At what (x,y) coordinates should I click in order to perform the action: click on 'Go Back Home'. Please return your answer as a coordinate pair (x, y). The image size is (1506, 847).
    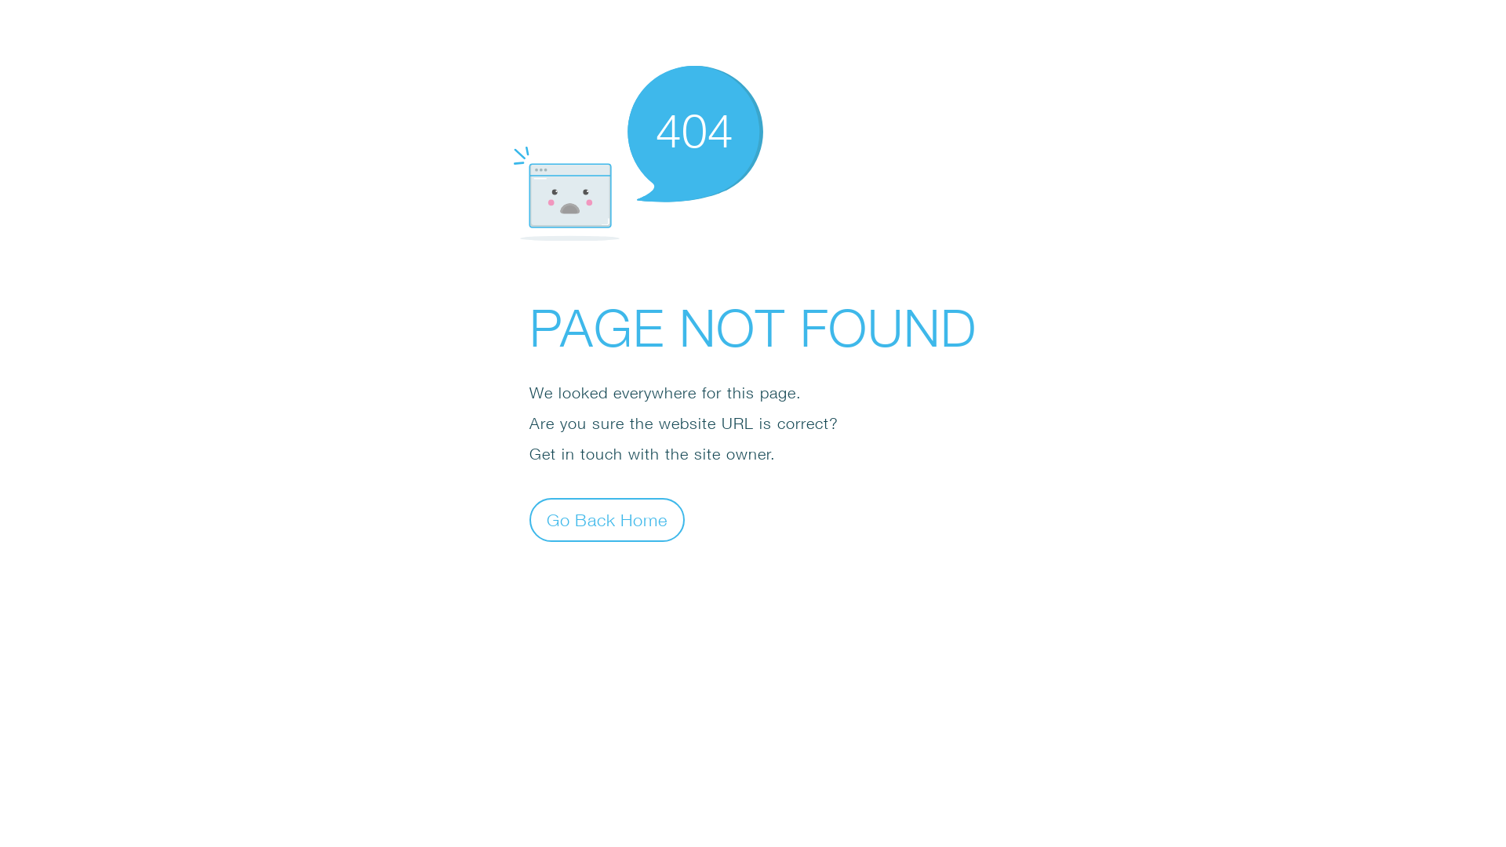
    Looking at the image, I should click on (606, 520).